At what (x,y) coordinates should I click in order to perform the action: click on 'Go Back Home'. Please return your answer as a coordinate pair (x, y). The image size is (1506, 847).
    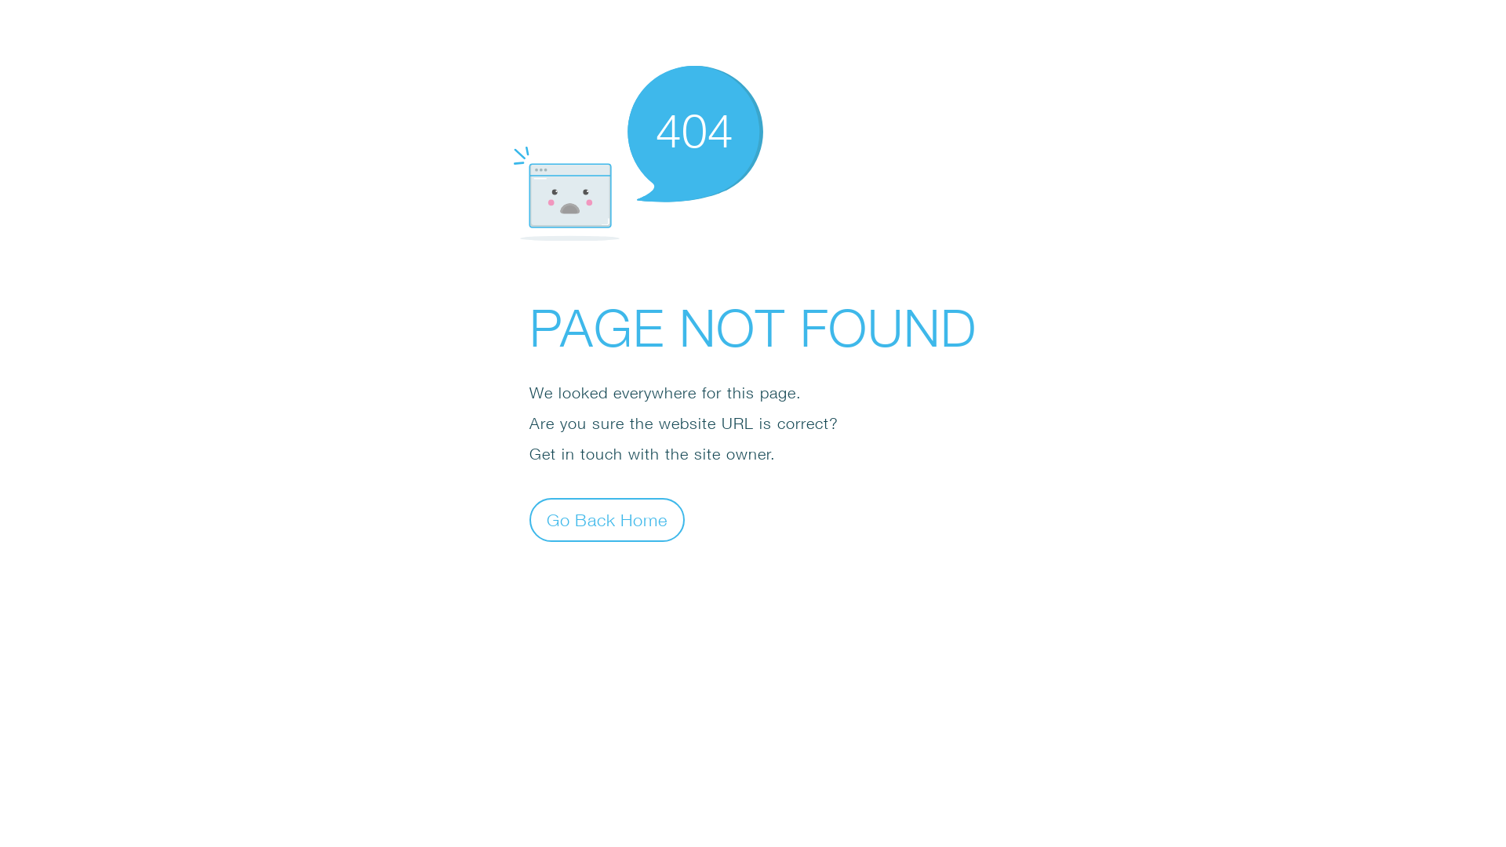
    Looking at the image, I should click on (606, 520).